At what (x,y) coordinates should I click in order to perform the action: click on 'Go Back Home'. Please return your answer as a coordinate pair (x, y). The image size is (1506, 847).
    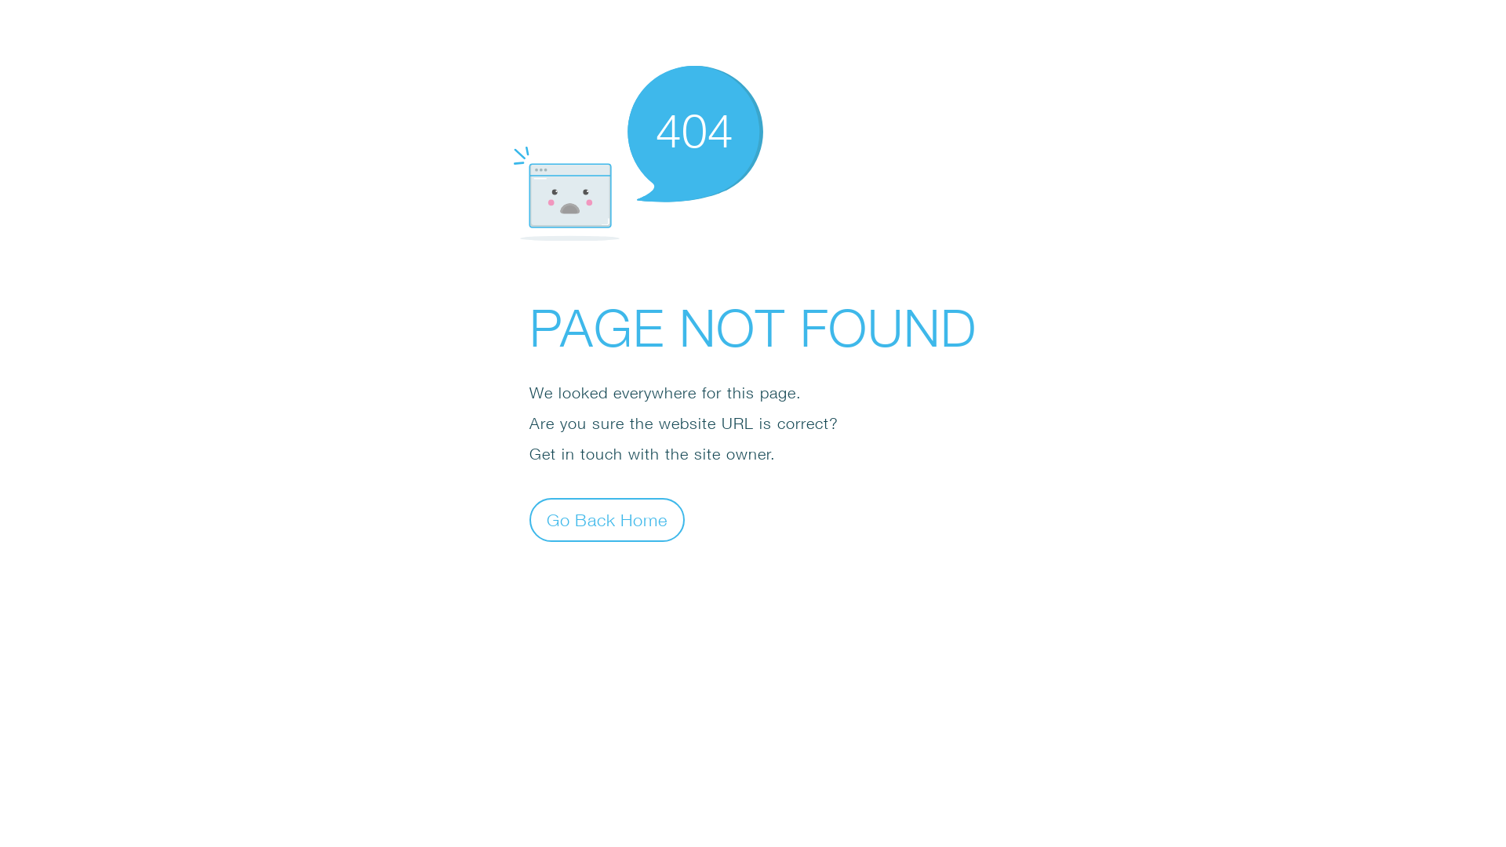
    Looking at the image, I should click on (606, 520).